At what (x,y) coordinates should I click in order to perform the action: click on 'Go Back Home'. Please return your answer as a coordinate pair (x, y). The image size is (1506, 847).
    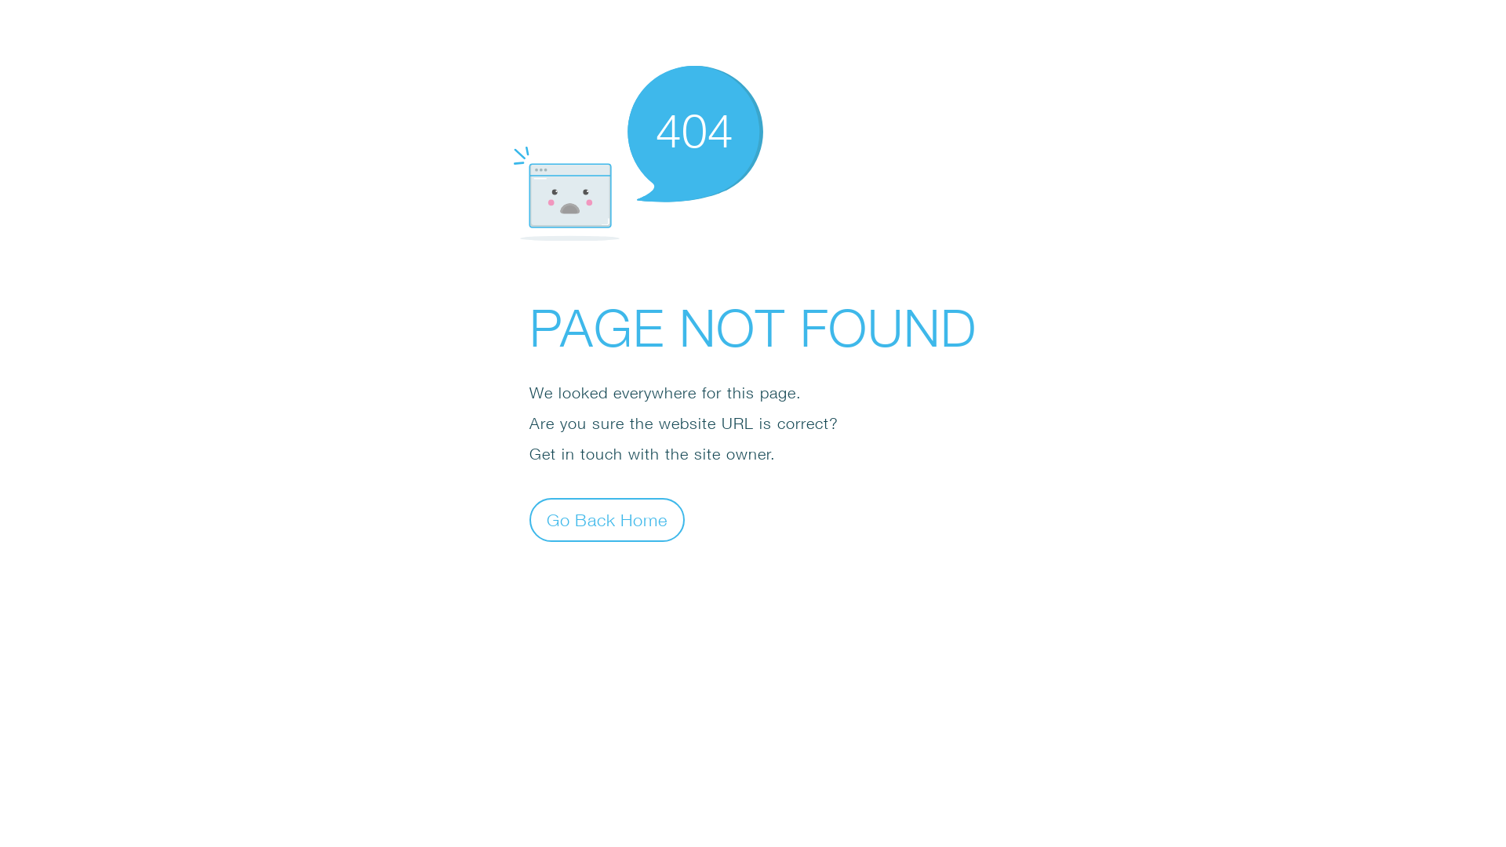
    Looking at the image, I should click on (606, 520).